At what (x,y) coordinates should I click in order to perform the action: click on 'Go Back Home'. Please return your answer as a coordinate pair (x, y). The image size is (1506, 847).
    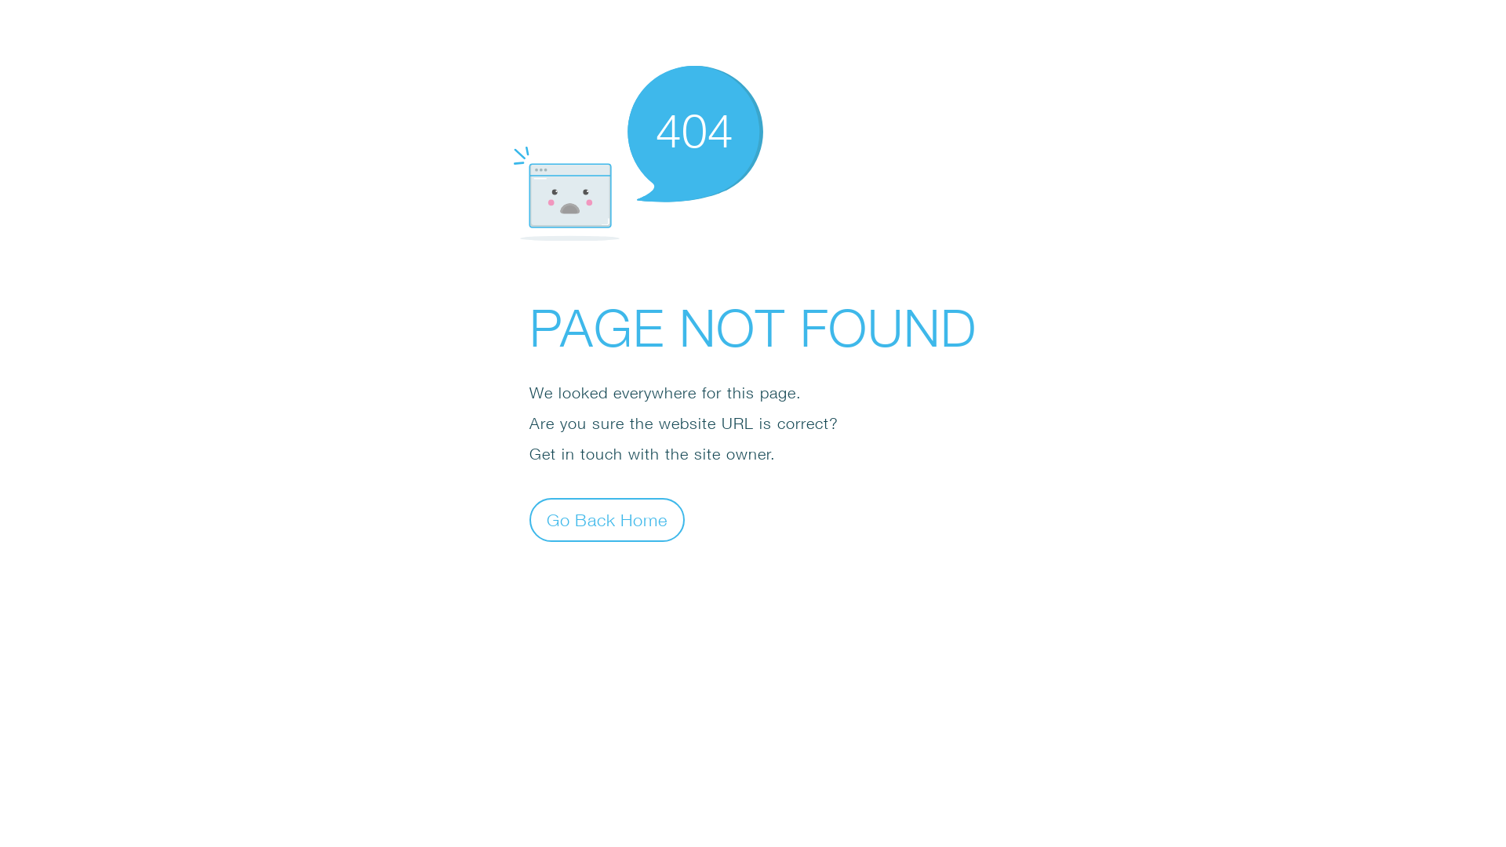
    Looking at the image, I should click on (606, 520).